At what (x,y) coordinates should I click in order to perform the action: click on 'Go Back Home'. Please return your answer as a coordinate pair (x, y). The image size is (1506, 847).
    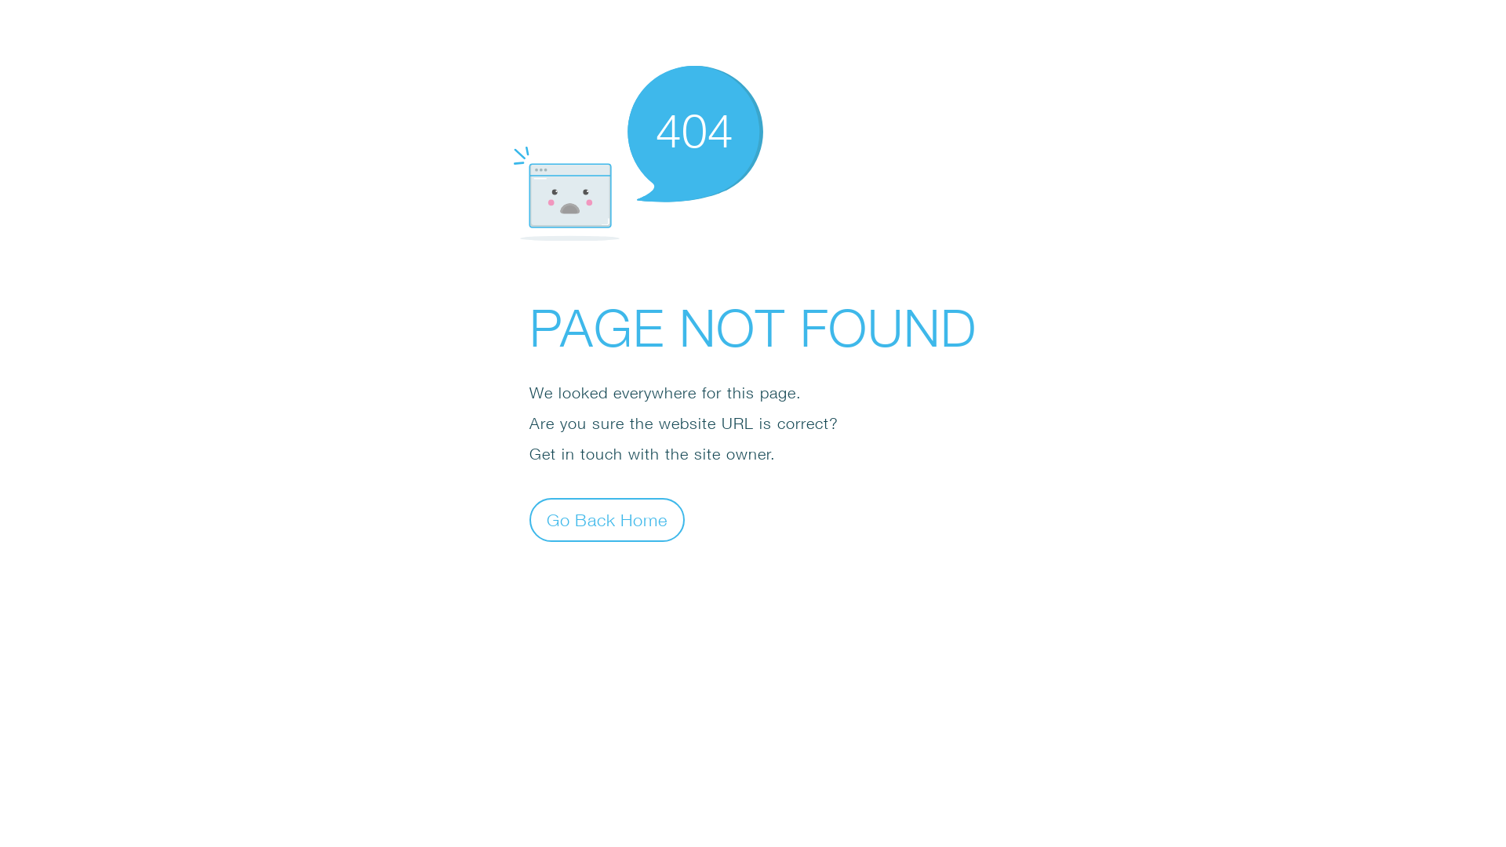
    Looking at the image, I should click on (606, 520).